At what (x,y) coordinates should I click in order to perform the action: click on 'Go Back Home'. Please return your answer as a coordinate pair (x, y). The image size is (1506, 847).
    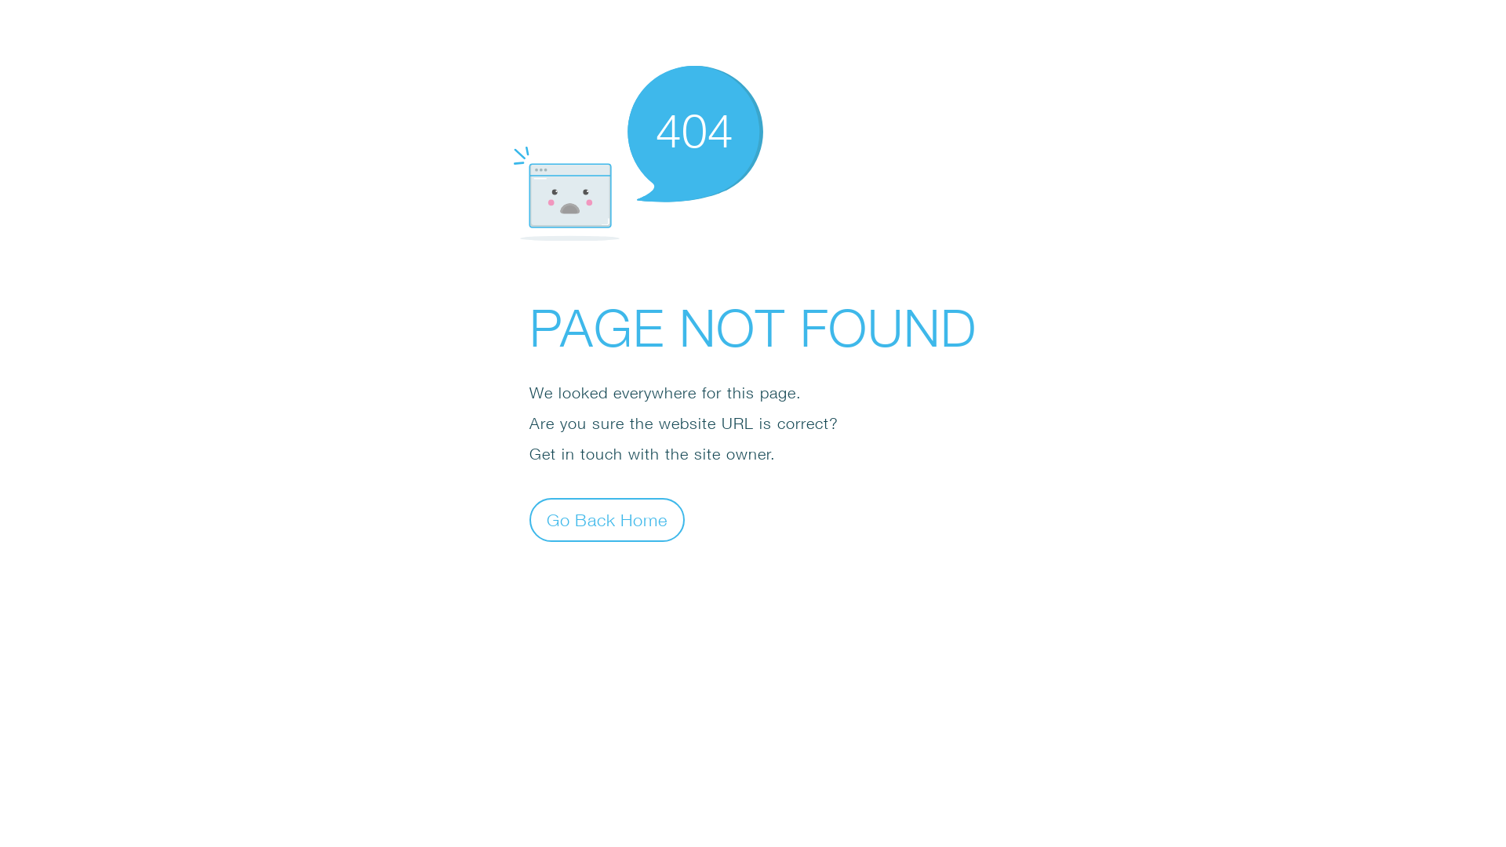
    Looking at the image, I should click on (606, 520).